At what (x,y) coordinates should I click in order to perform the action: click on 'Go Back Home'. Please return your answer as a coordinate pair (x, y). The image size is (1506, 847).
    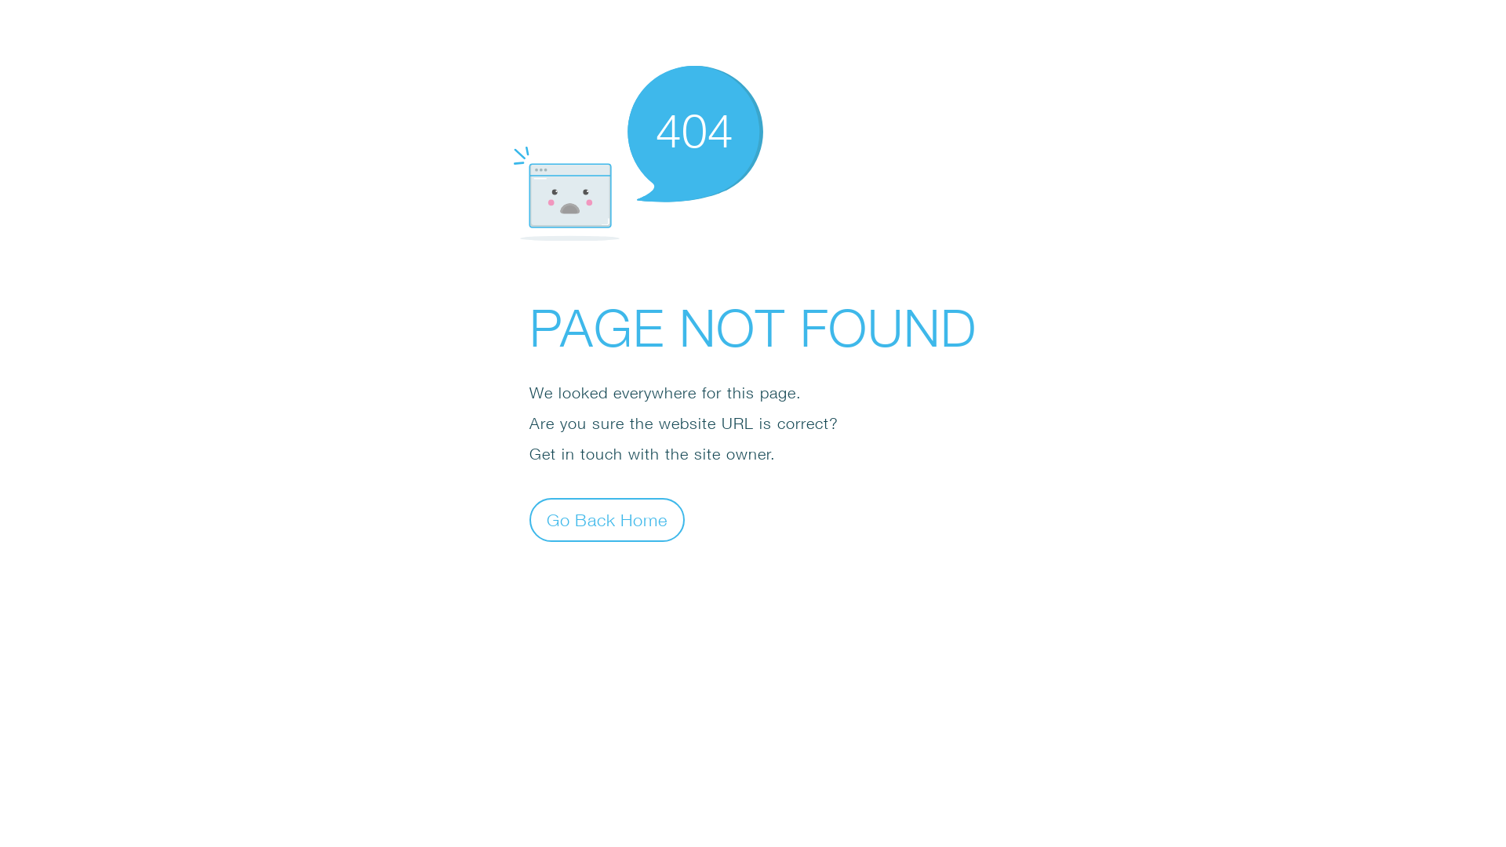
    Looking at the image, I should click on (606, 520).